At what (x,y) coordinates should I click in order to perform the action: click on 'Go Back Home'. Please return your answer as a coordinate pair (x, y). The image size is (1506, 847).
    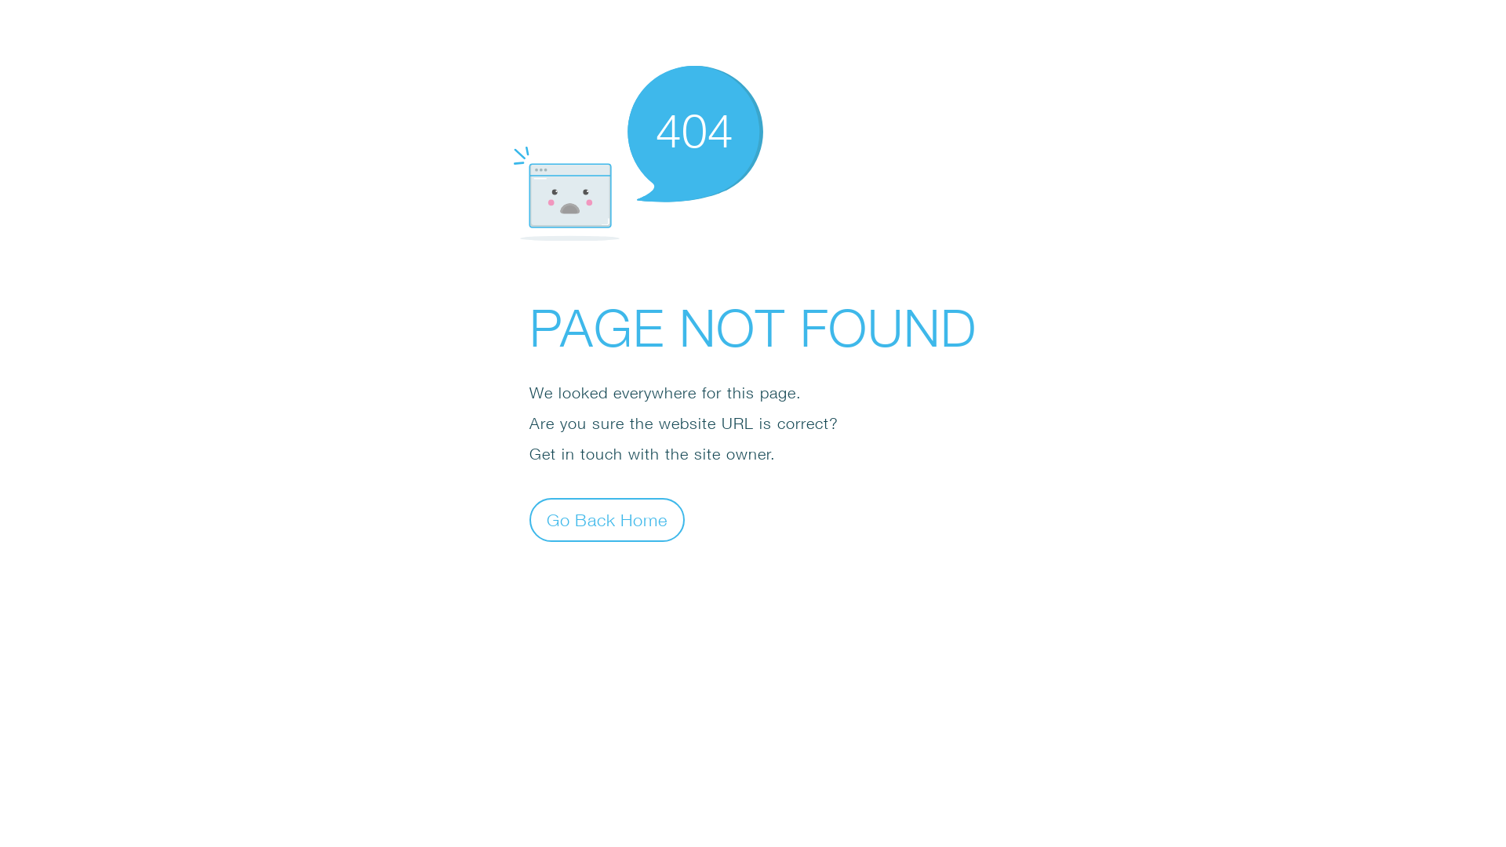
    Looking at the image, I should click on (606, 520).